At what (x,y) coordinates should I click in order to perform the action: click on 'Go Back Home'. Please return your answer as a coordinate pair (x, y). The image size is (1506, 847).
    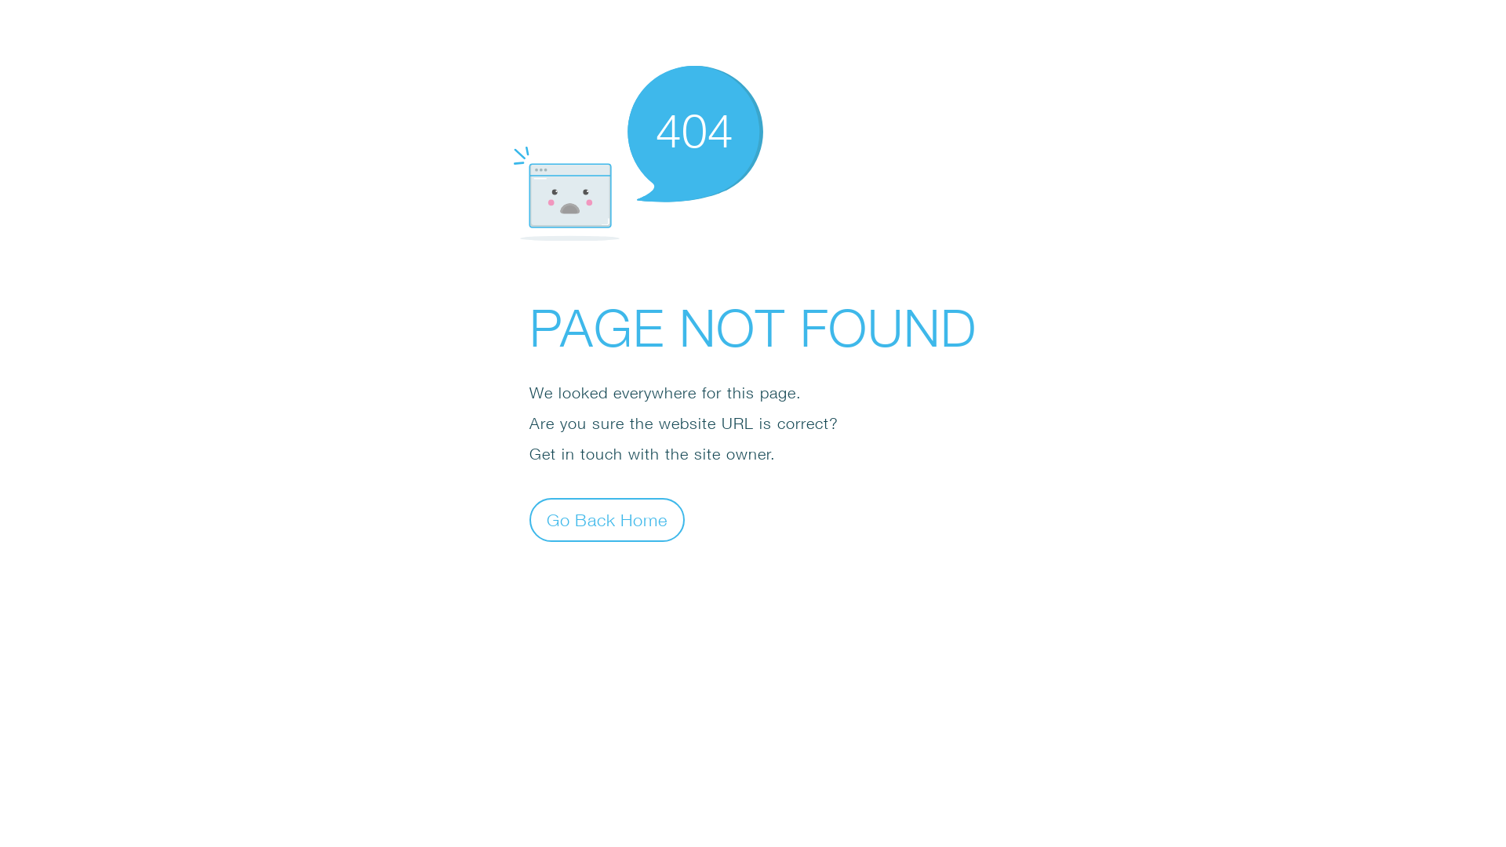
    Looking at the image, I should click on (606, 520).